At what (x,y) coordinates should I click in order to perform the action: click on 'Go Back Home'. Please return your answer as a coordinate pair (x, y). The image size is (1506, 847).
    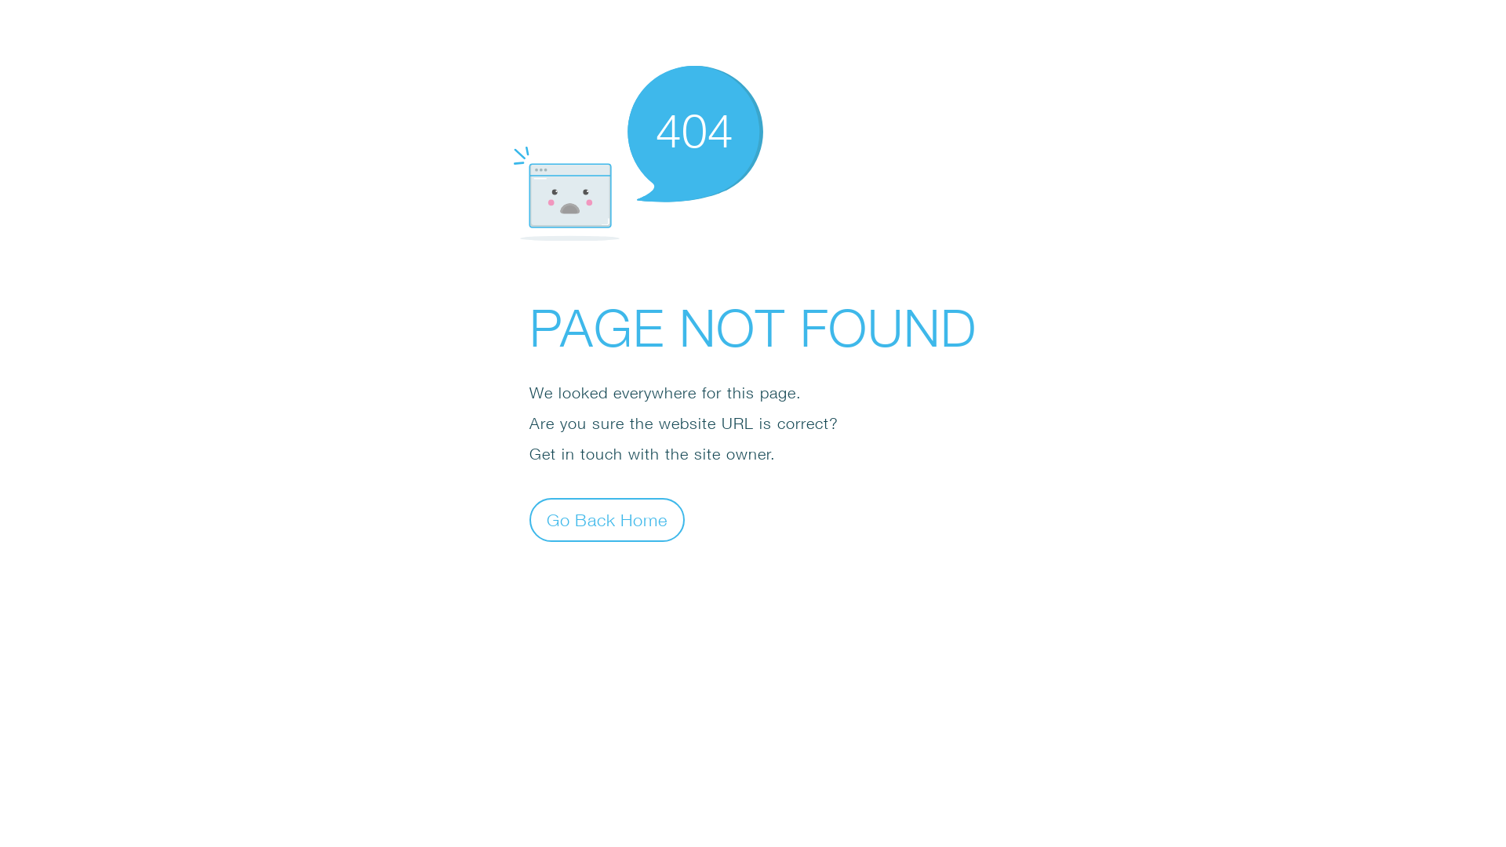
    Looking at the image, I should click on (606, 520).